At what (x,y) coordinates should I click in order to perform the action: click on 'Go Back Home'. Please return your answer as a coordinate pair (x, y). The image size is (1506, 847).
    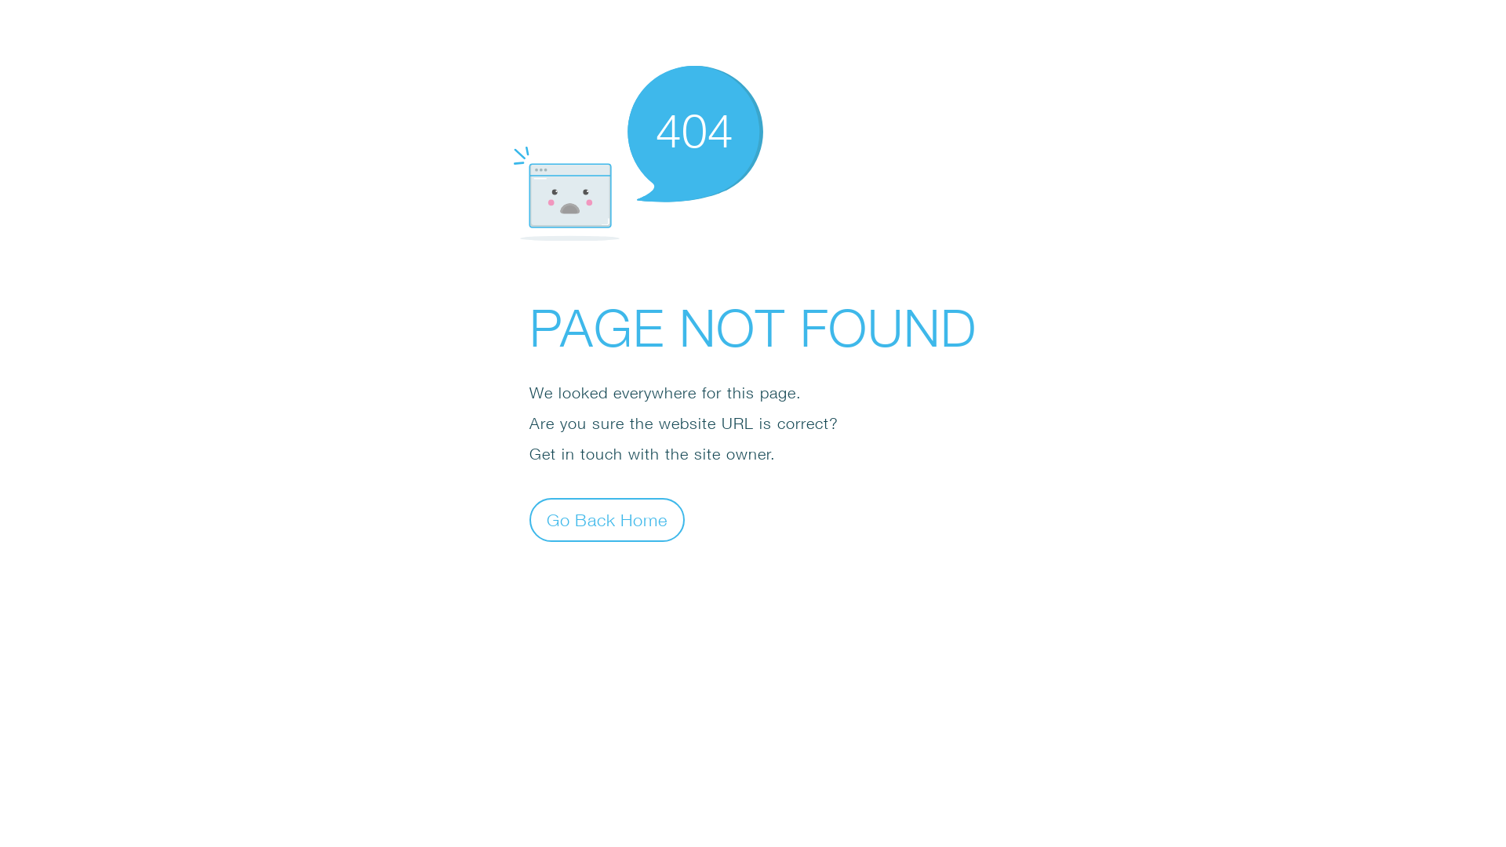
    Looking at the image, I should click on (606, 520).